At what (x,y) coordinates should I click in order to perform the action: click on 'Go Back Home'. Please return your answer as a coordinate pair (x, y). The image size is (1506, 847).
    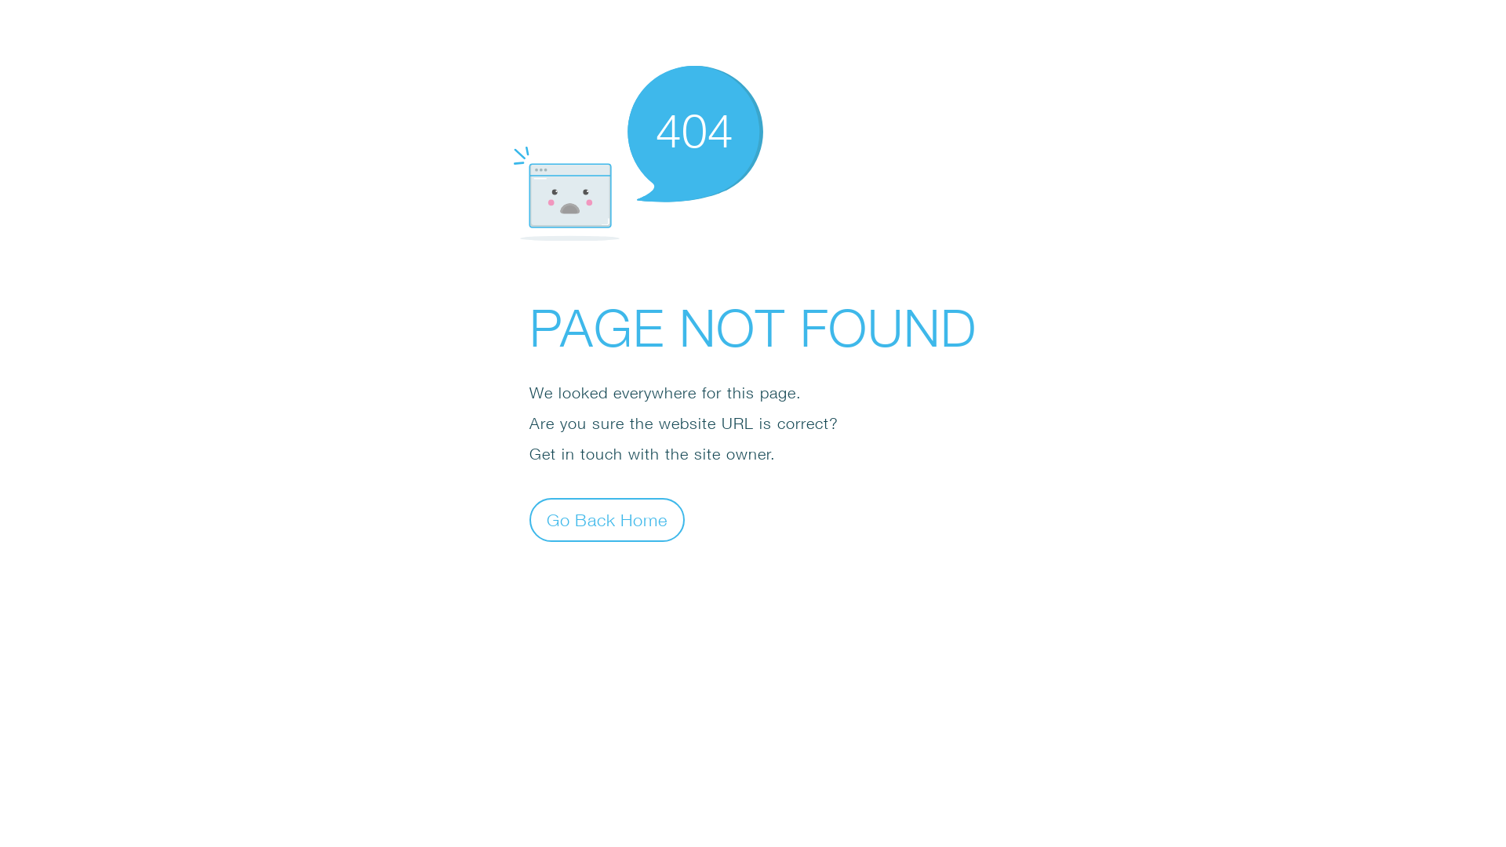
    Looking at the image, I should click on (606, 520).